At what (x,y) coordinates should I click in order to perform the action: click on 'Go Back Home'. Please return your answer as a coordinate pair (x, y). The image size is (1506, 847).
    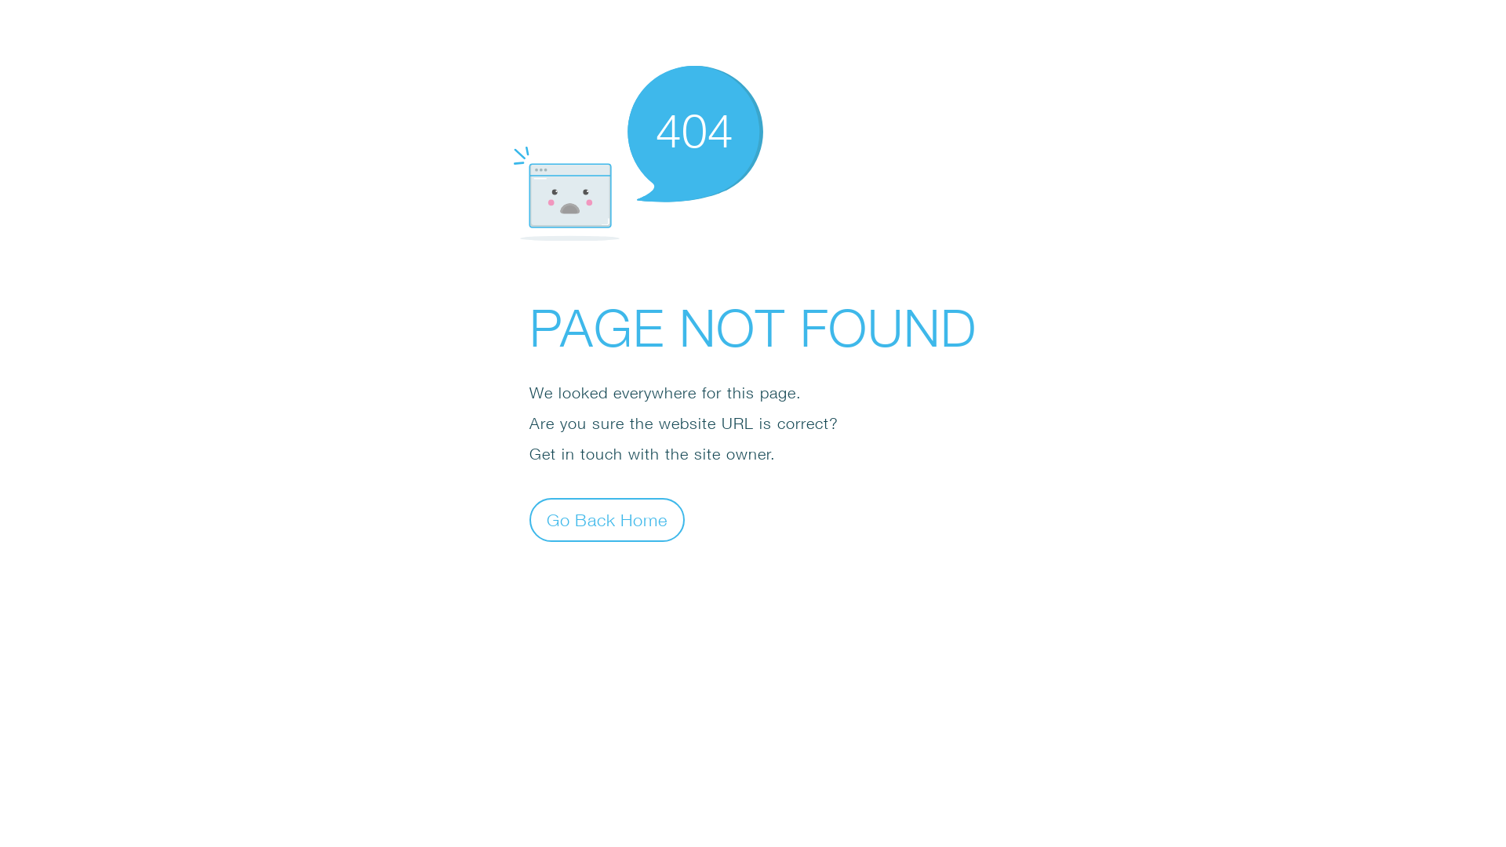
    Looking at the image, I should click on (606, 520).